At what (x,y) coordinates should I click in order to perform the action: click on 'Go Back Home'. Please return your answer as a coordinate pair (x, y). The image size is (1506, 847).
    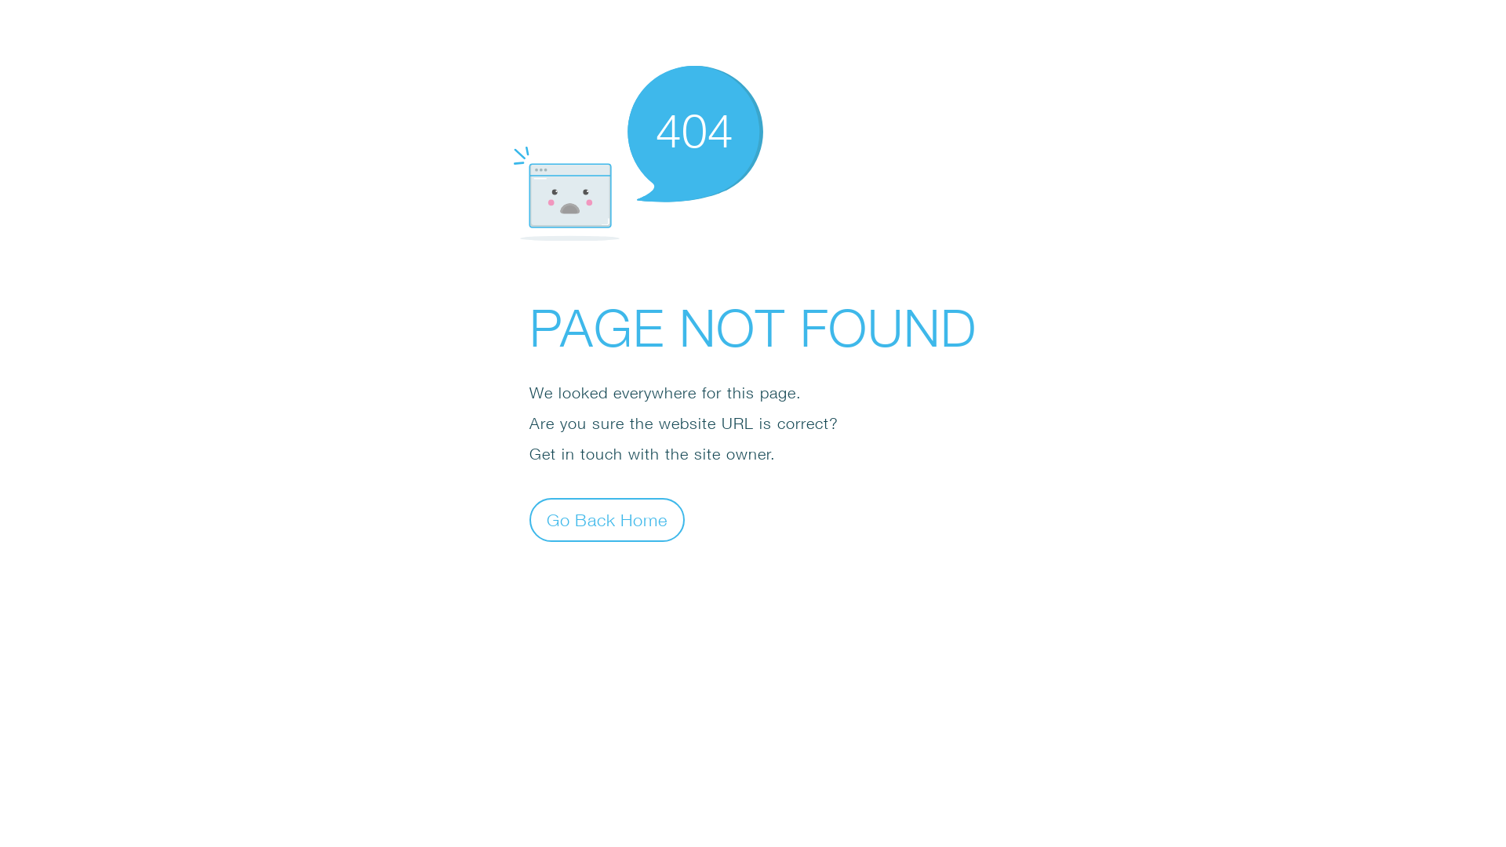
    Looking at the image, I should click on (606, 520).